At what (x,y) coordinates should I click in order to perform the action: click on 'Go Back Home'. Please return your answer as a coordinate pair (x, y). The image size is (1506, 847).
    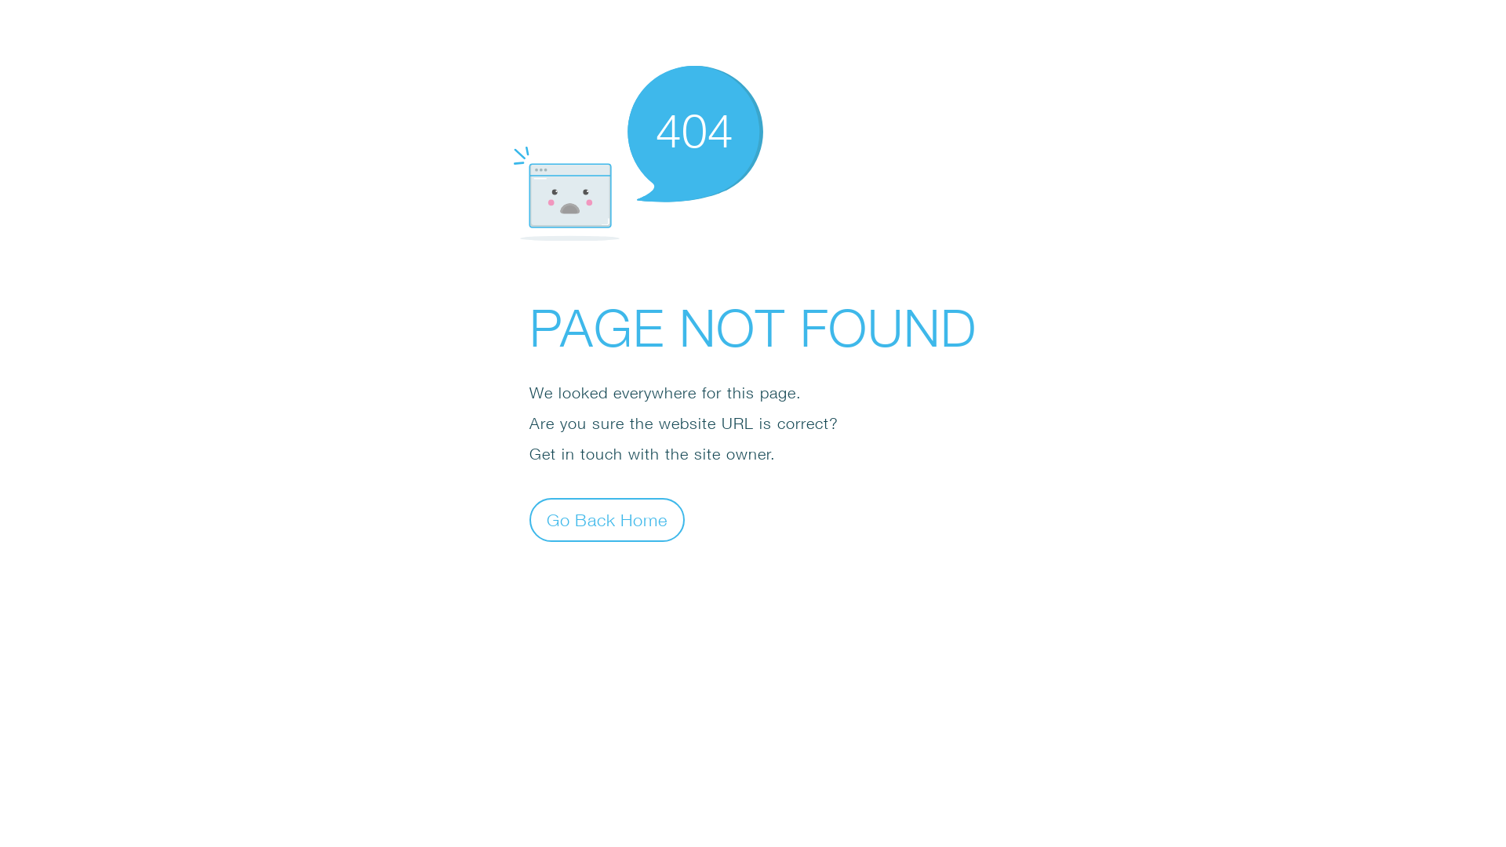
    Looking at the image, I should click on (606, 520).